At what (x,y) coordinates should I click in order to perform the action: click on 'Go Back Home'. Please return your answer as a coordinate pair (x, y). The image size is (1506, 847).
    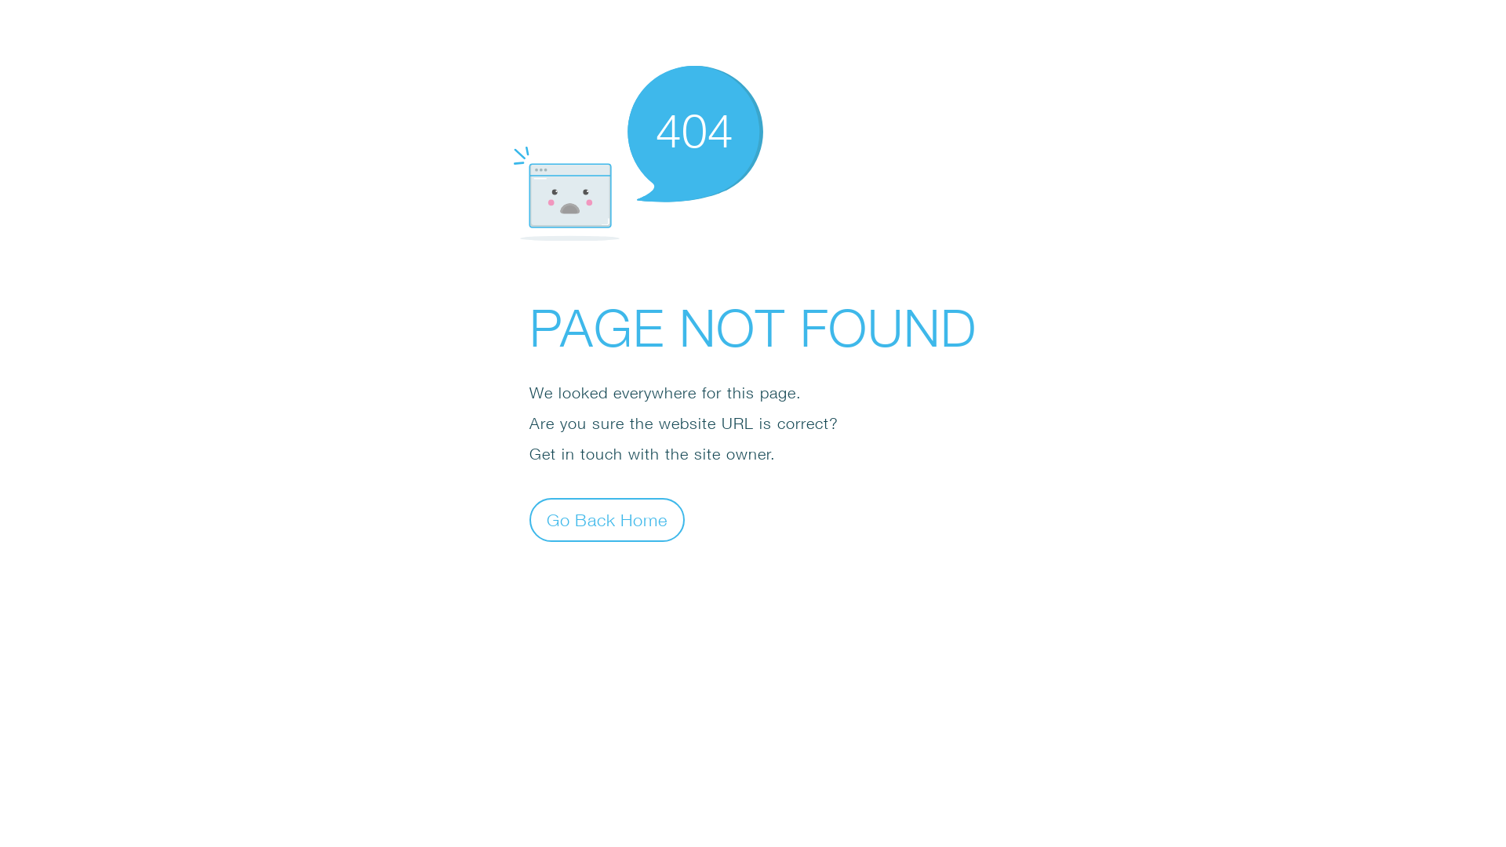
    Looking at the image, I should click on (606, 520).